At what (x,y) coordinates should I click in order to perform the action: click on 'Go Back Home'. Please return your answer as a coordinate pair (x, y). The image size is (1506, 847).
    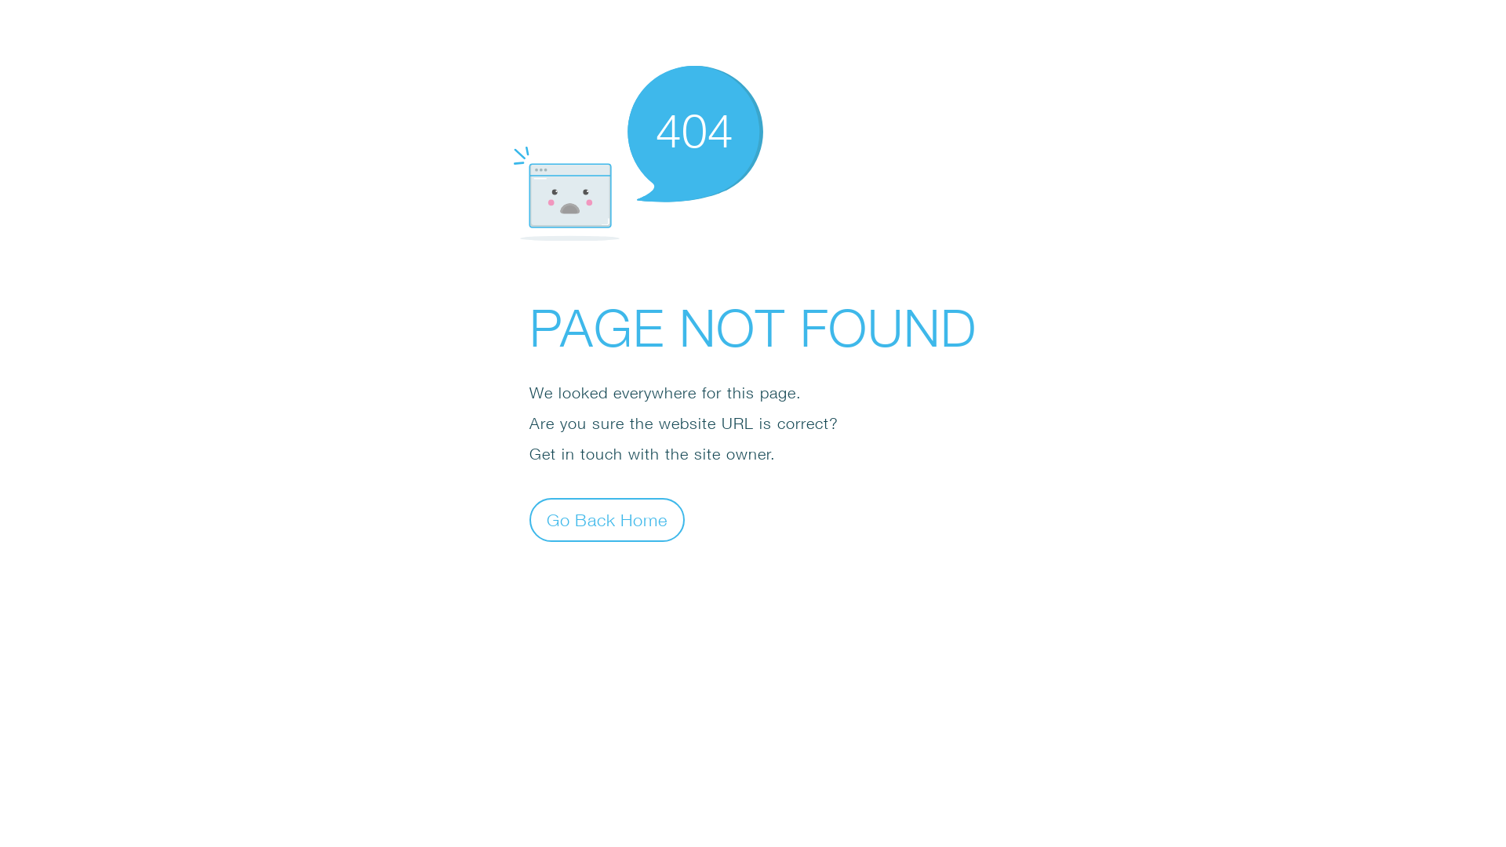
    Looking at the image, I should click on (606, 520).